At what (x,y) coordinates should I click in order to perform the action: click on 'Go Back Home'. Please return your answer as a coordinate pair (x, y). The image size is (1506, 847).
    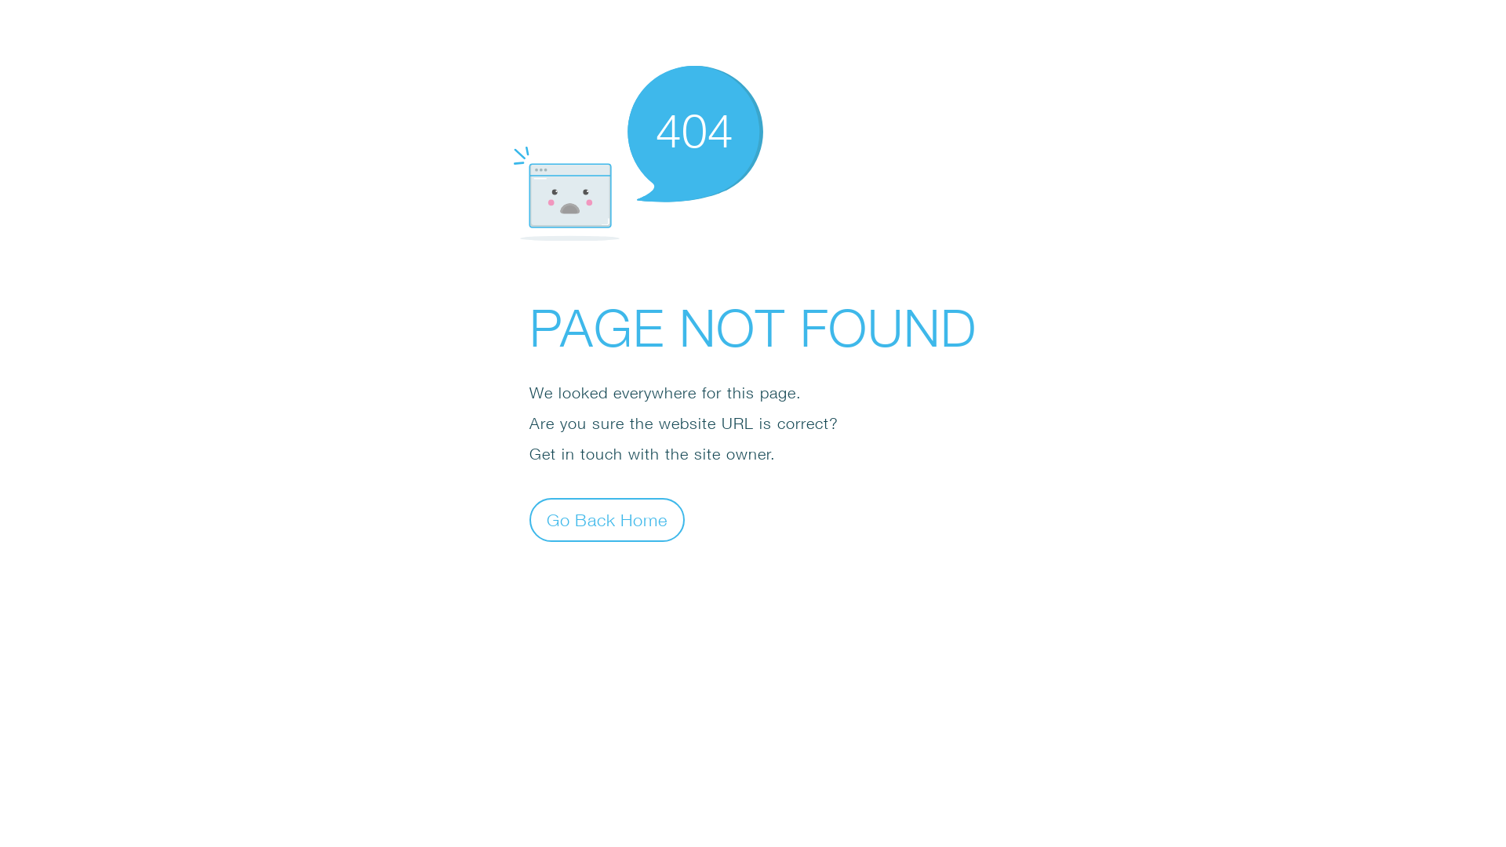
    Looking at the image, I should click on (606, 520).